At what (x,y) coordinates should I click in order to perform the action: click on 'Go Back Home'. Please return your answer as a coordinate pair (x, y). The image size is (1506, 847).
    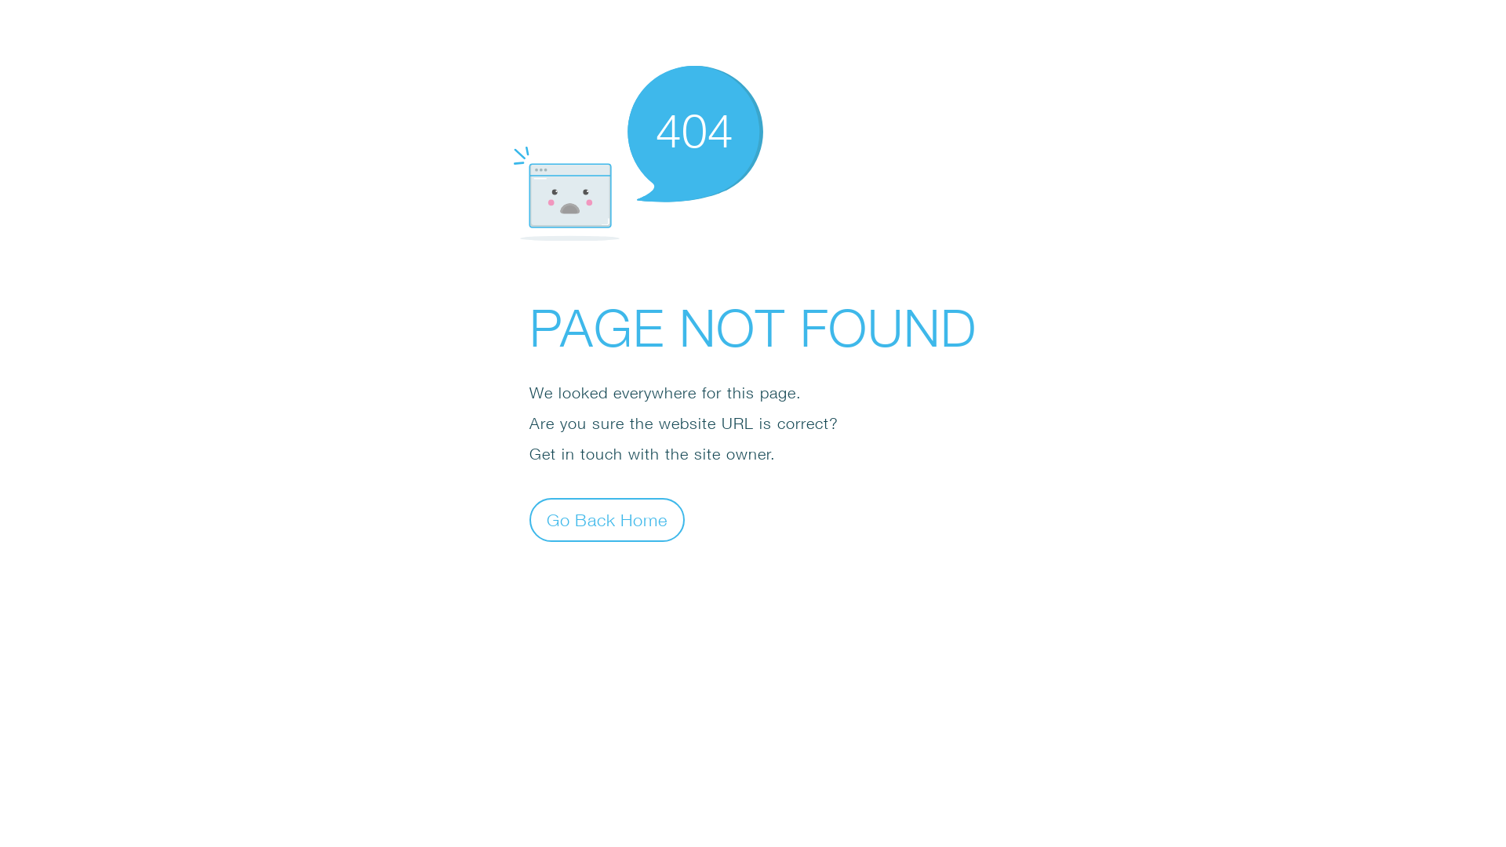
    Looking at the image, I should click on (606, 520).